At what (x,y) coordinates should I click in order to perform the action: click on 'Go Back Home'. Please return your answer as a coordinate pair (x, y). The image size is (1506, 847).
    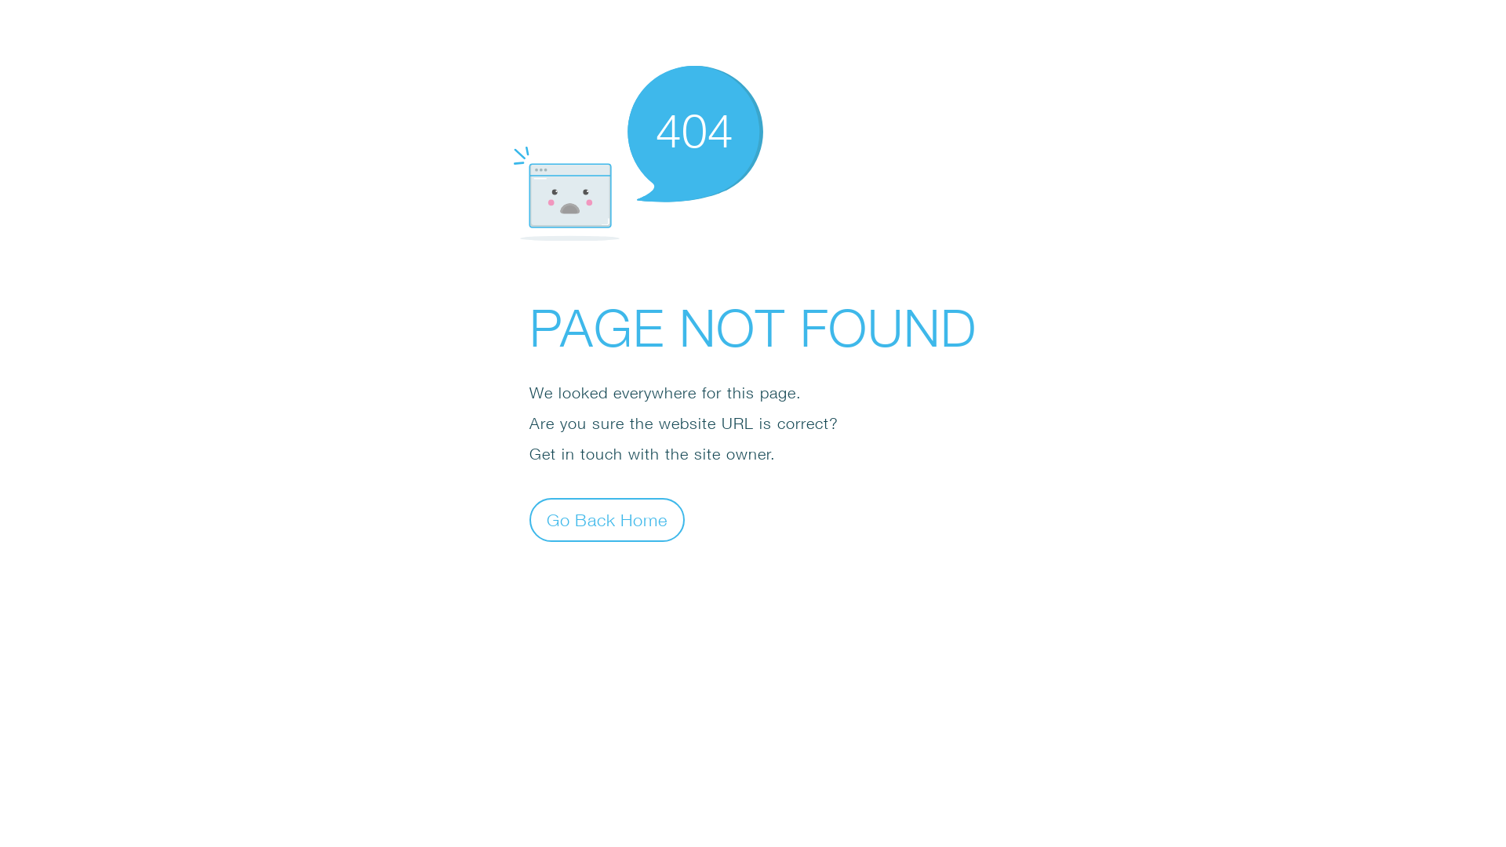
    Looking at the image, I should click on (606, 520).